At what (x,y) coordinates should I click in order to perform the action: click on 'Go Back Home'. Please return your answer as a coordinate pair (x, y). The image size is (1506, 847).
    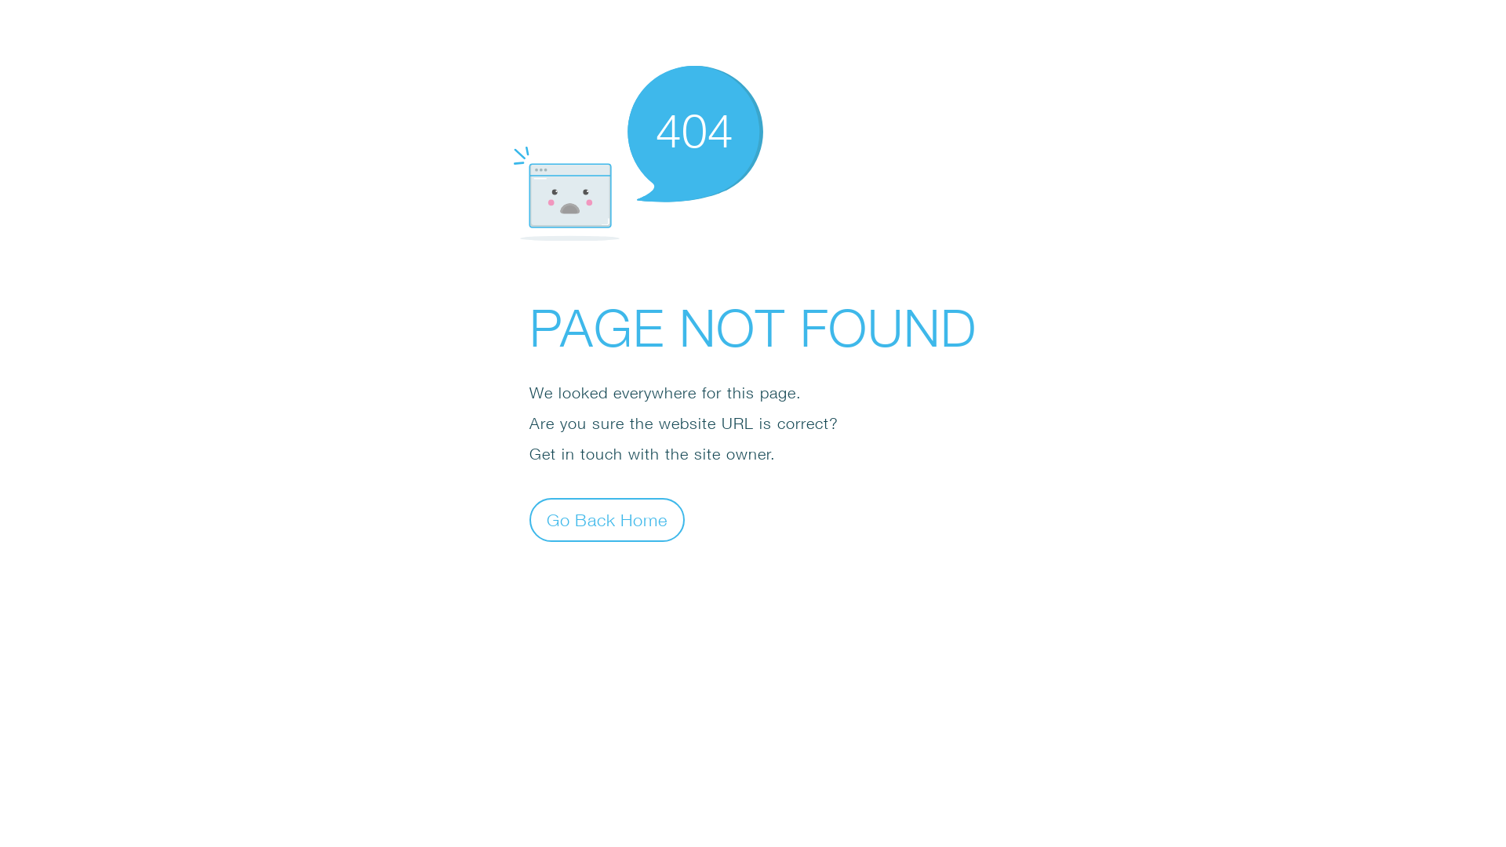
    Looking at the image, I should click on (606, 520).